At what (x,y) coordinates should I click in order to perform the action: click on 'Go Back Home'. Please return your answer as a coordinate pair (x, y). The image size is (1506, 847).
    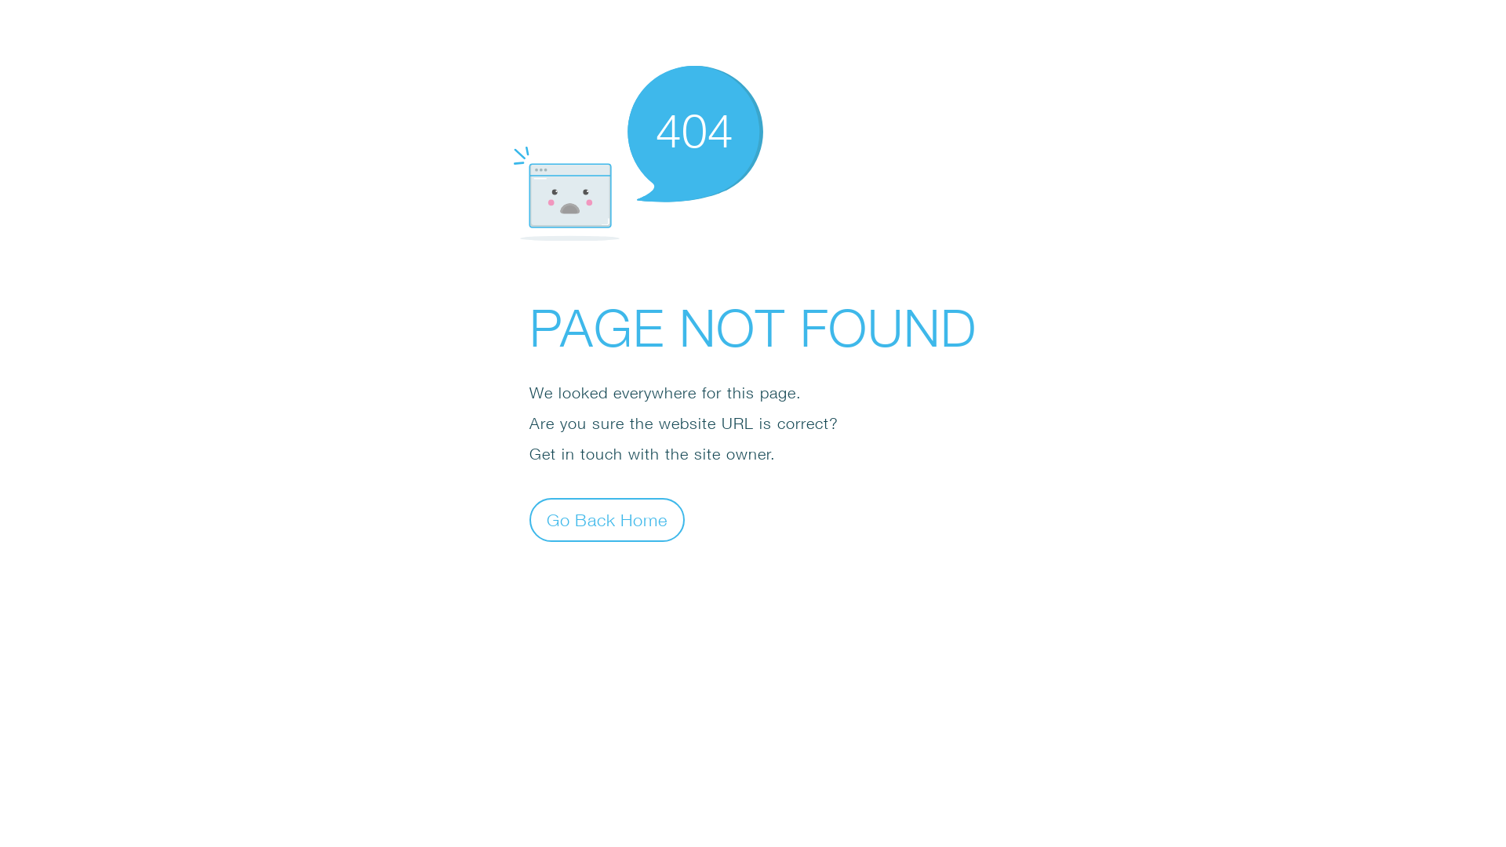
    Looking at the image, I should click on (606, 520).